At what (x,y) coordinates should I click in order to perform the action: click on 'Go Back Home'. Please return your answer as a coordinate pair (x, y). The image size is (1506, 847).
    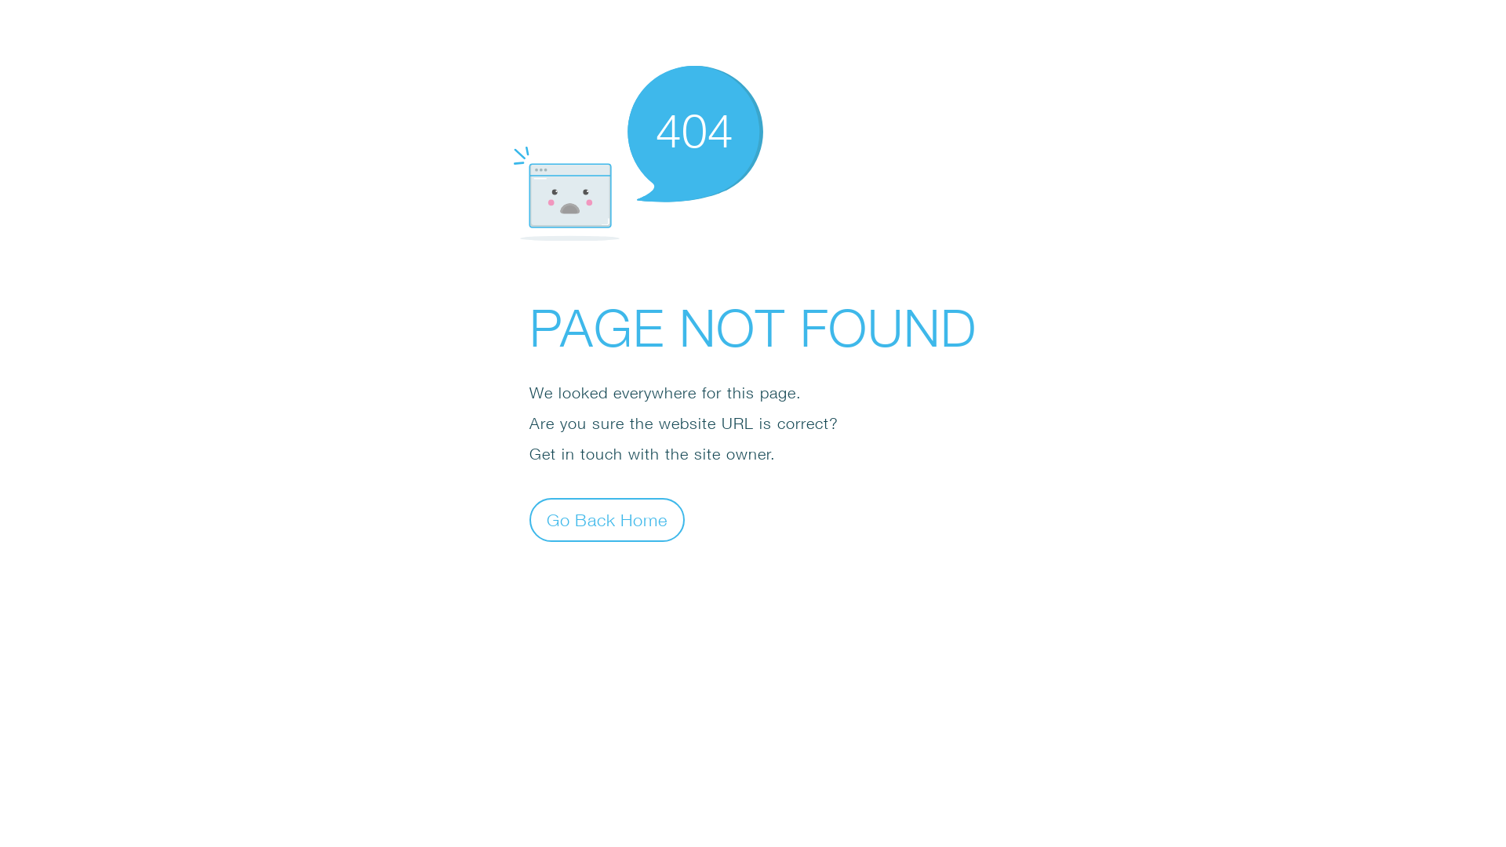
    Looking at the image, I should click on (606, 520).